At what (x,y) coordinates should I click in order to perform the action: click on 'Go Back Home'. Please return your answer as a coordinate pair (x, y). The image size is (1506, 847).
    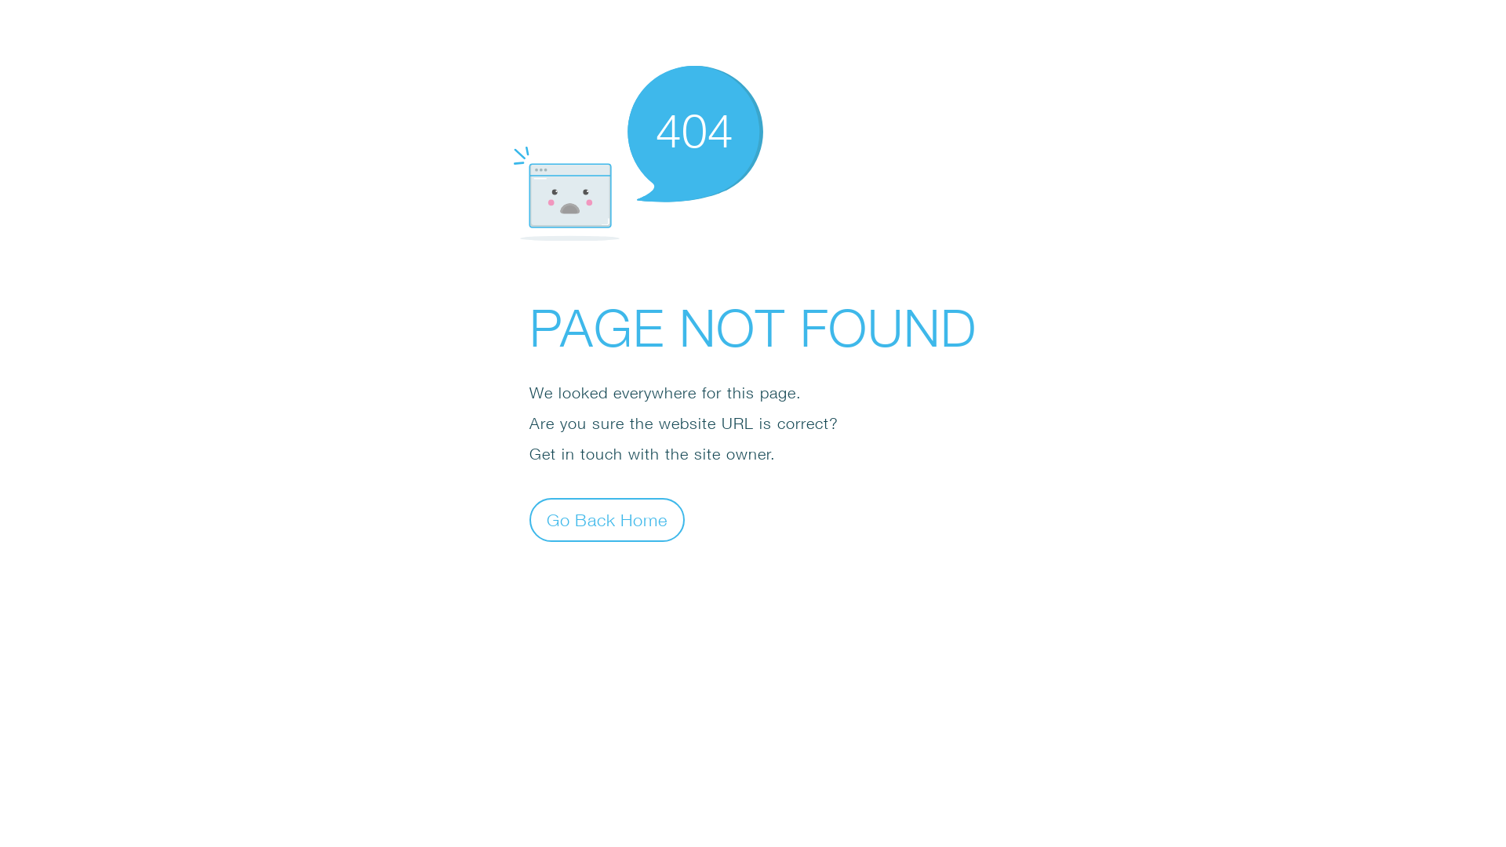
    Looking at the image, I should click on (606, 520).